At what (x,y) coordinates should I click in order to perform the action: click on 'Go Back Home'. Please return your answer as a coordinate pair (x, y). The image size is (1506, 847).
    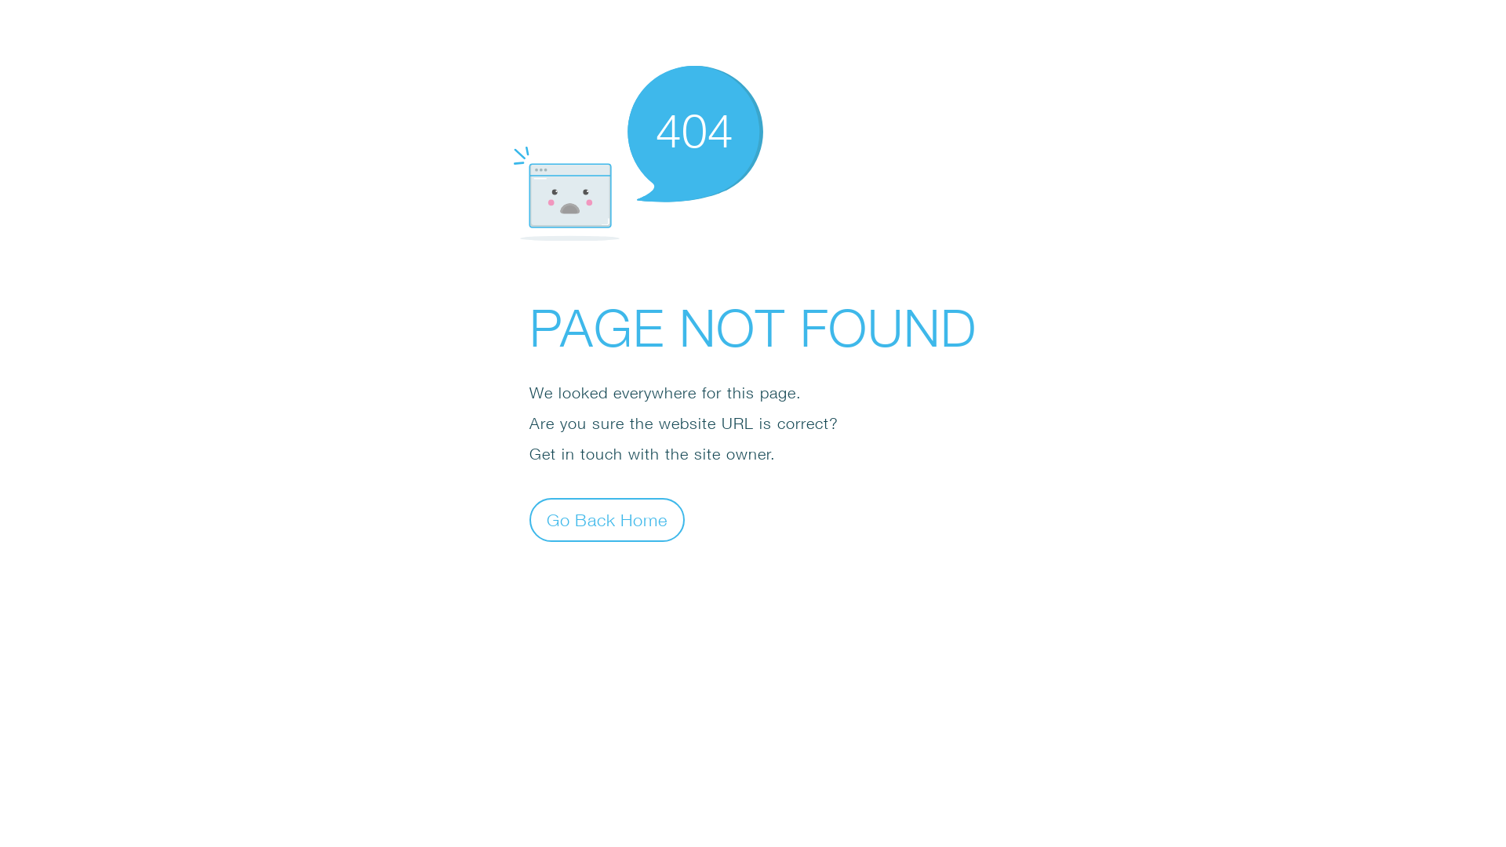
    Looking at the image, I should click on (606, 520).